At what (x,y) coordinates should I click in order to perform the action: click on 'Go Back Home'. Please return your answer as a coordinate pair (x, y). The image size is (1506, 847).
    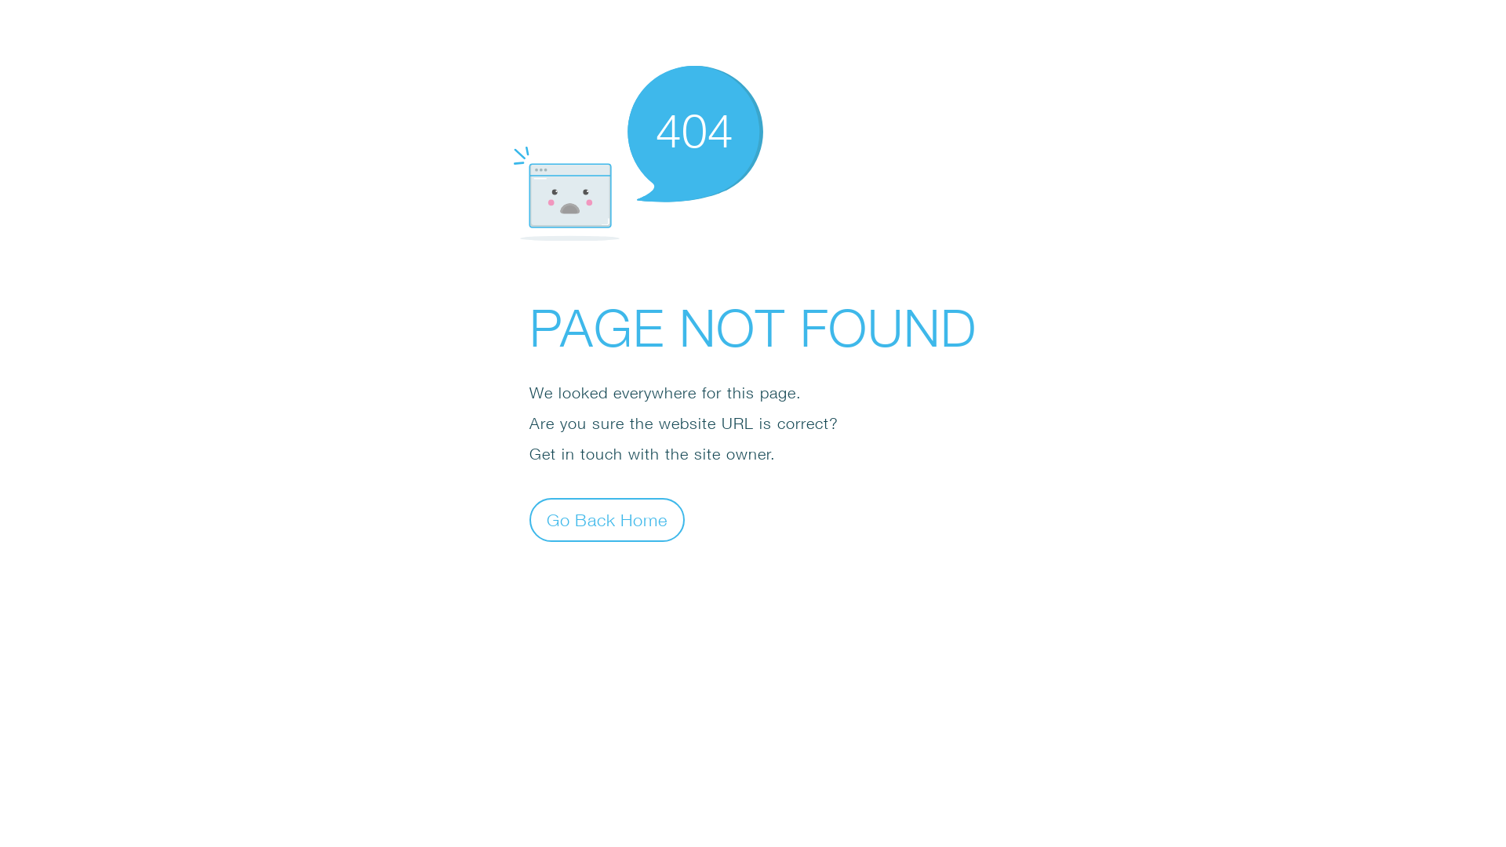
    Looking at the image, I should click on (606, 520).